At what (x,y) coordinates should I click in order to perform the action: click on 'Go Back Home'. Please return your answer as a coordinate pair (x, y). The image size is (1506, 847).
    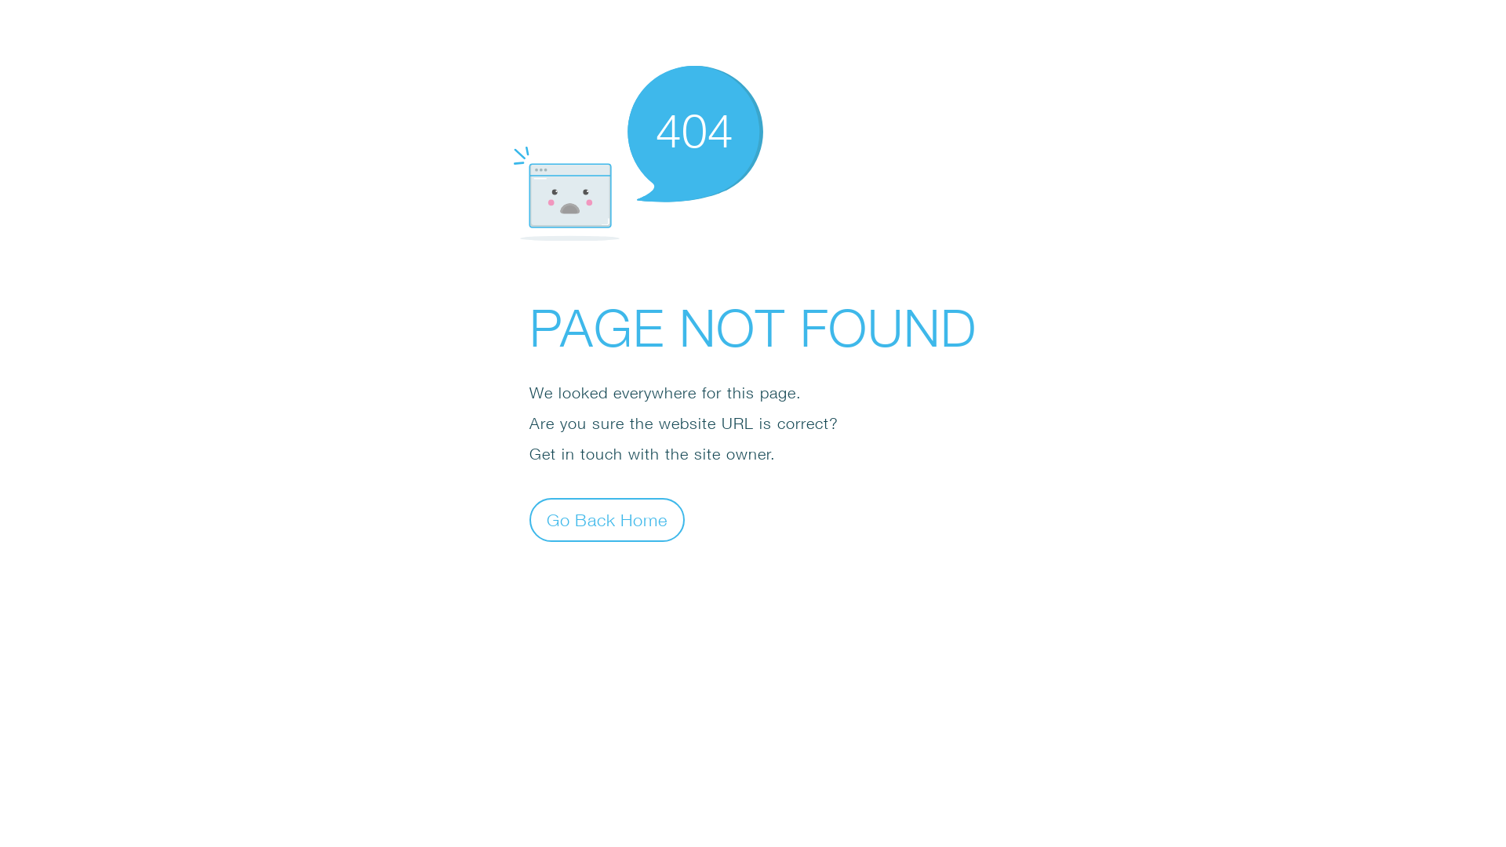
    Looking at the image, I should click on (606, 520).